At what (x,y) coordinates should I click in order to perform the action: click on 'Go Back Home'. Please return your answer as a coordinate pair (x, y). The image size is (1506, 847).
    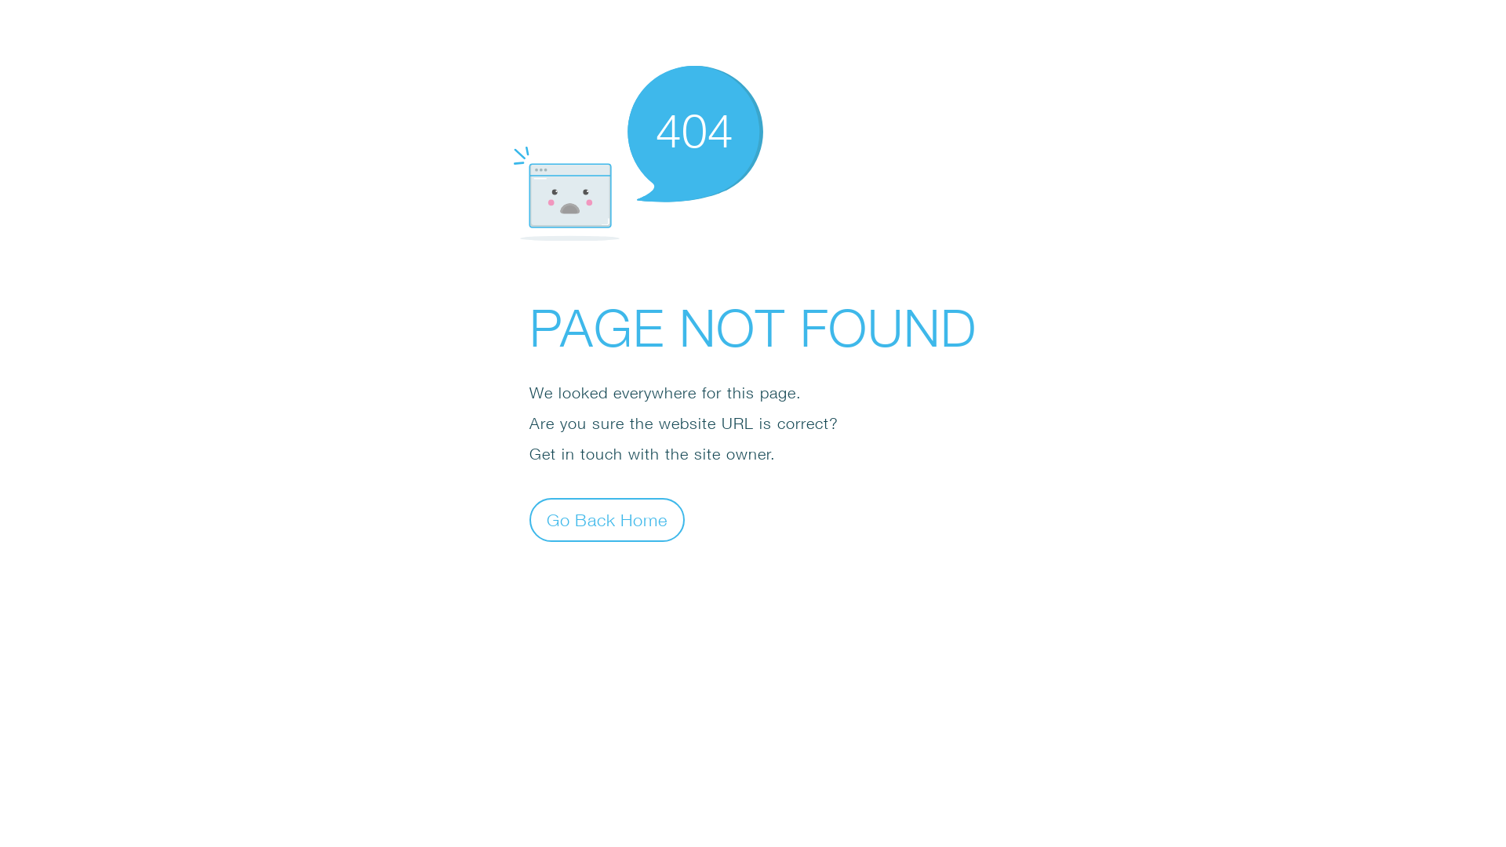
    Looking at the image, I should click on (606, 520).